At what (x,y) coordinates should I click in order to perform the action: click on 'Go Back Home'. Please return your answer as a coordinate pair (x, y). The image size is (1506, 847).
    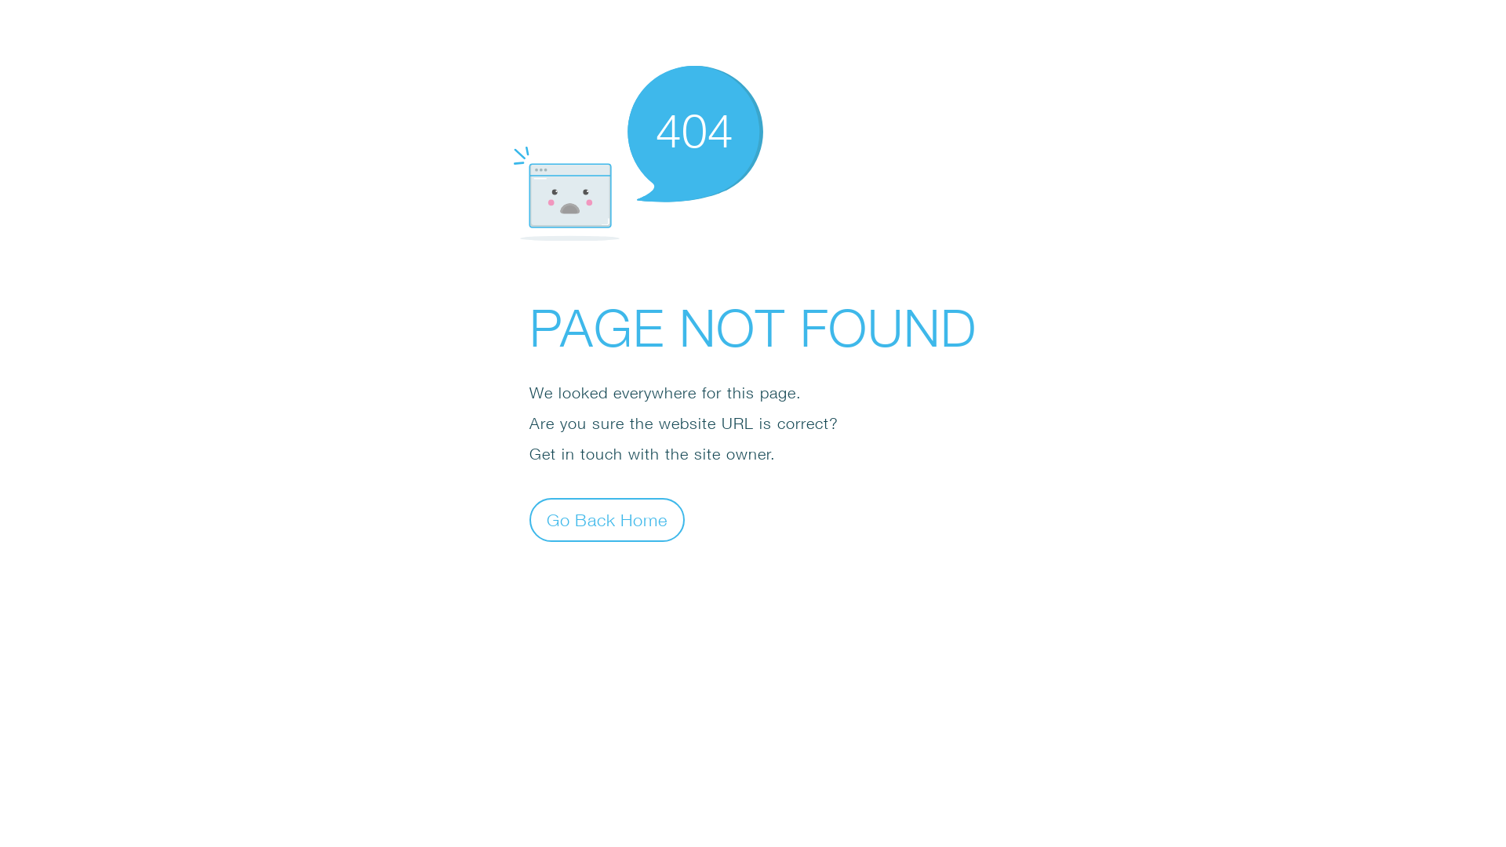
    Looking at the image, I should click on (606, 520).